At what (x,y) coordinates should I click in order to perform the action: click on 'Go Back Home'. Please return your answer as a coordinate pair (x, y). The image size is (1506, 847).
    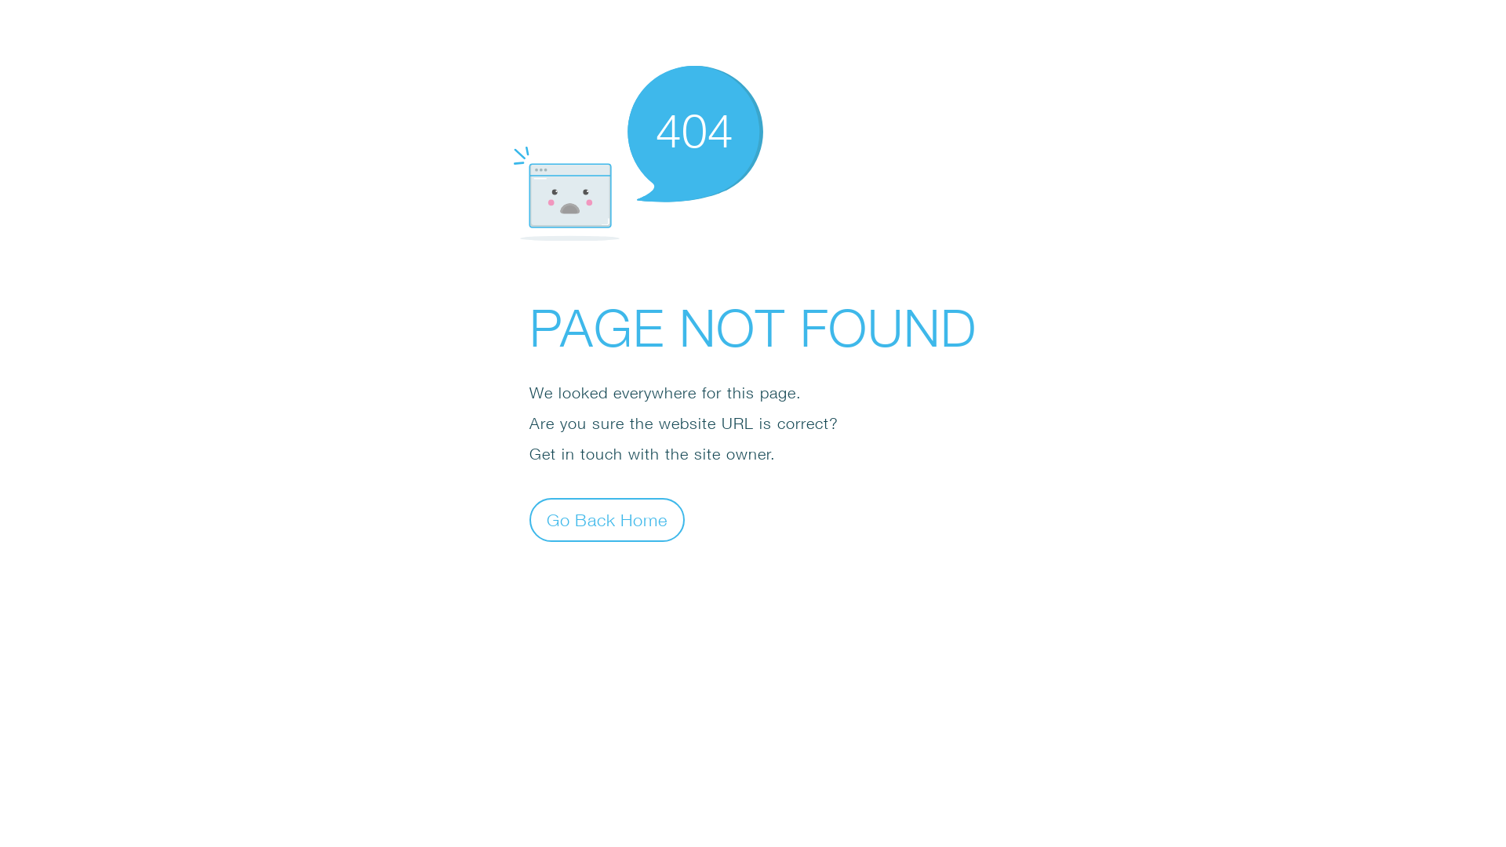
    Looking at the image, I should click on (606, 520).